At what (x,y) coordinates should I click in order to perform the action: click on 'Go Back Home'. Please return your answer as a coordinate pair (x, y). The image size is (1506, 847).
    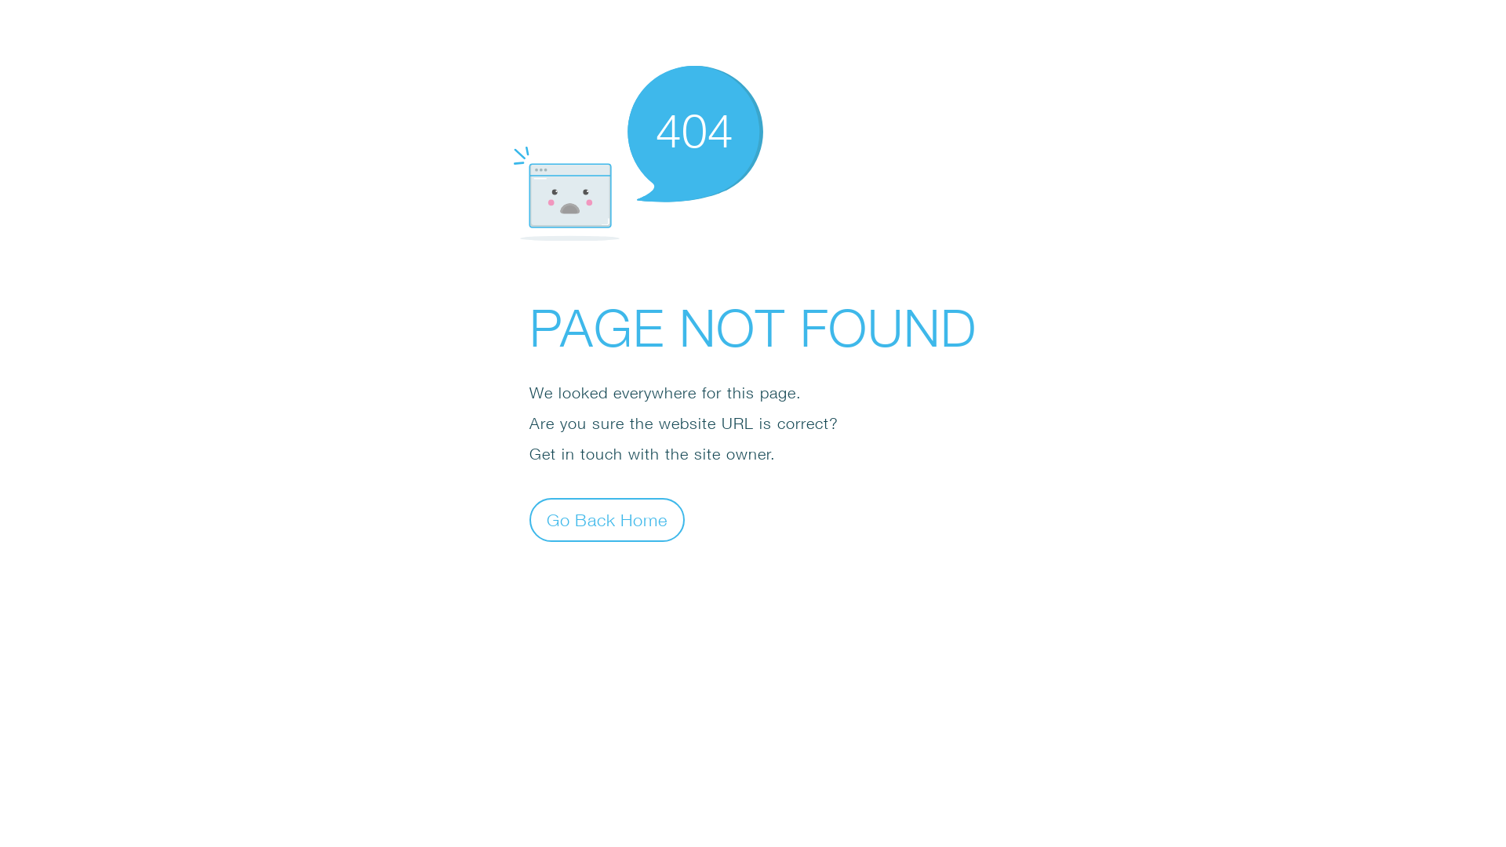
    Looking at the image, I should click on (606, 520).